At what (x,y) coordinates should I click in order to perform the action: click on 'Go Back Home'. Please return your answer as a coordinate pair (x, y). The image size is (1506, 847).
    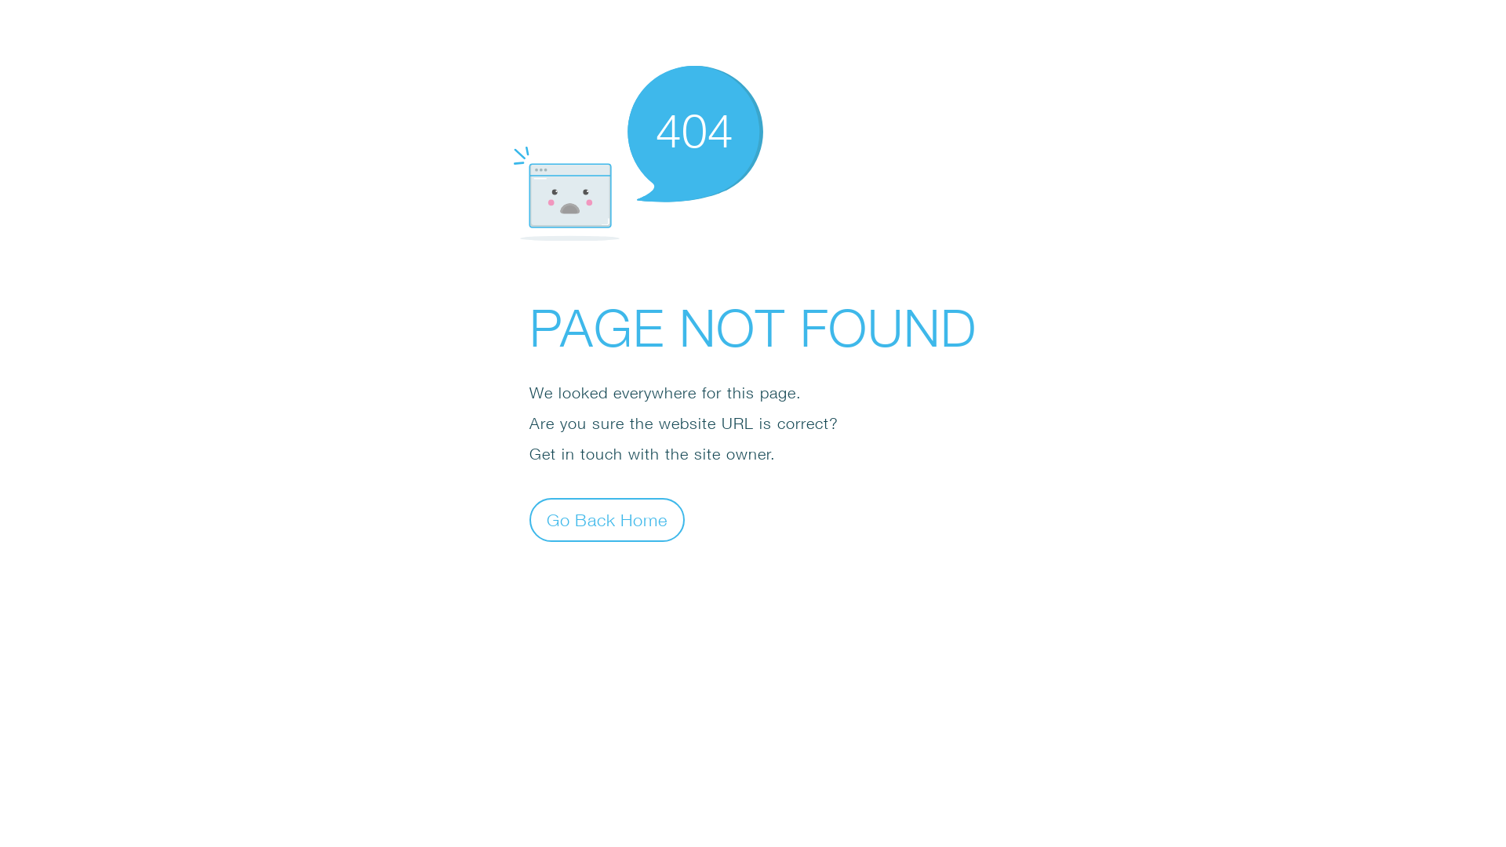
    Looking at the image, I should click on (606, 520).